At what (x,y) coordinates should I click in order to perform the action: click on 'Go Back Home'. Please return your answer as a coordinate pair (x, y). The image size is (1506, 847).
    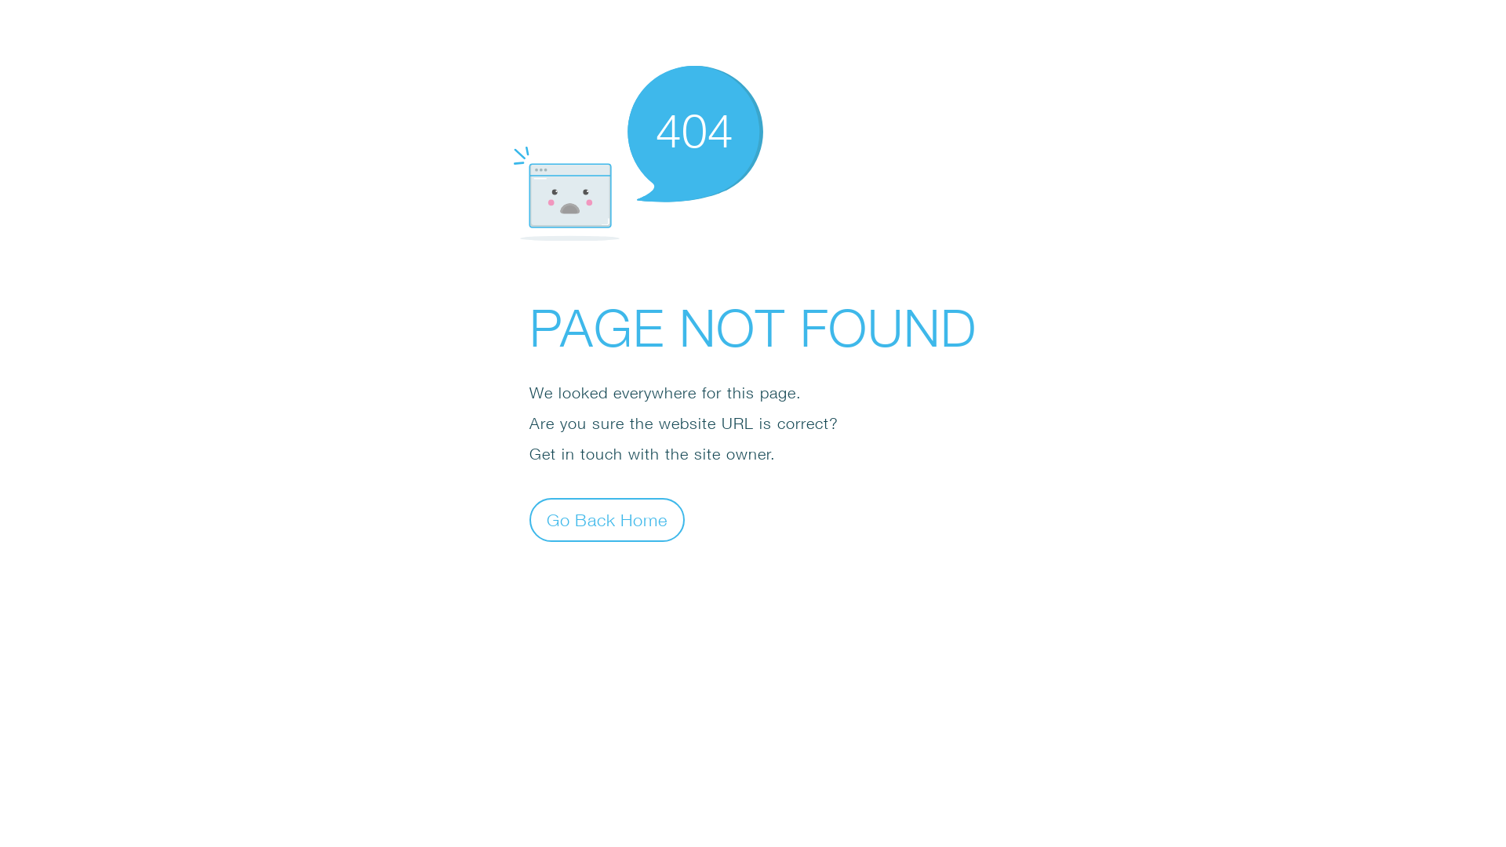
    Looking at the image, I should click on (606, 520).